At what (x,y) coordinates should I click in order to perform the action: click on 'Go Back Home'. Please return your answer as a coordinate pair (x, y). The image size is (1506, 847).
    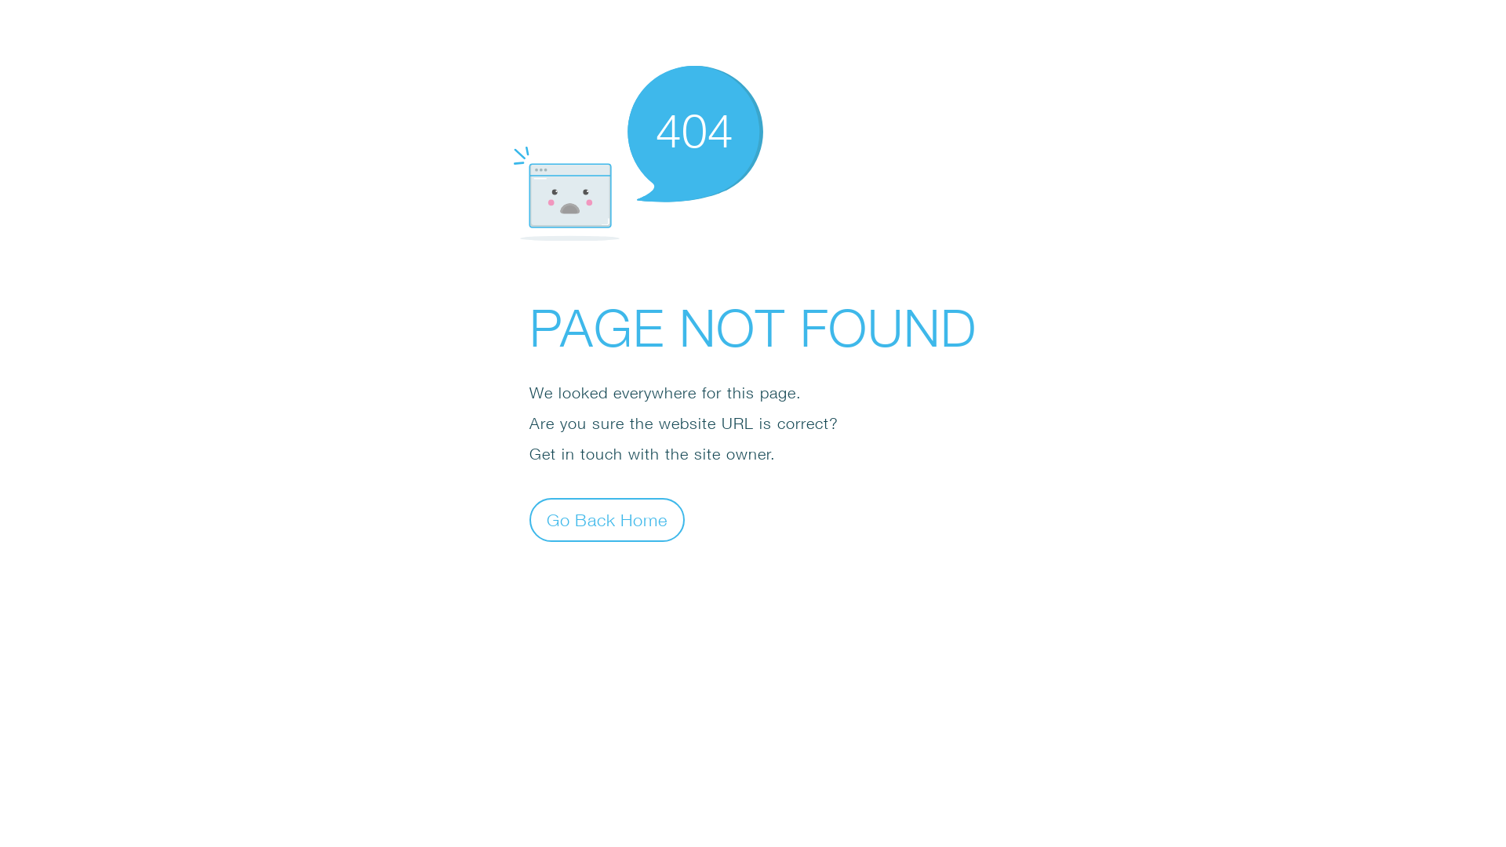
    Looking at the image, I should click on (606, 520).